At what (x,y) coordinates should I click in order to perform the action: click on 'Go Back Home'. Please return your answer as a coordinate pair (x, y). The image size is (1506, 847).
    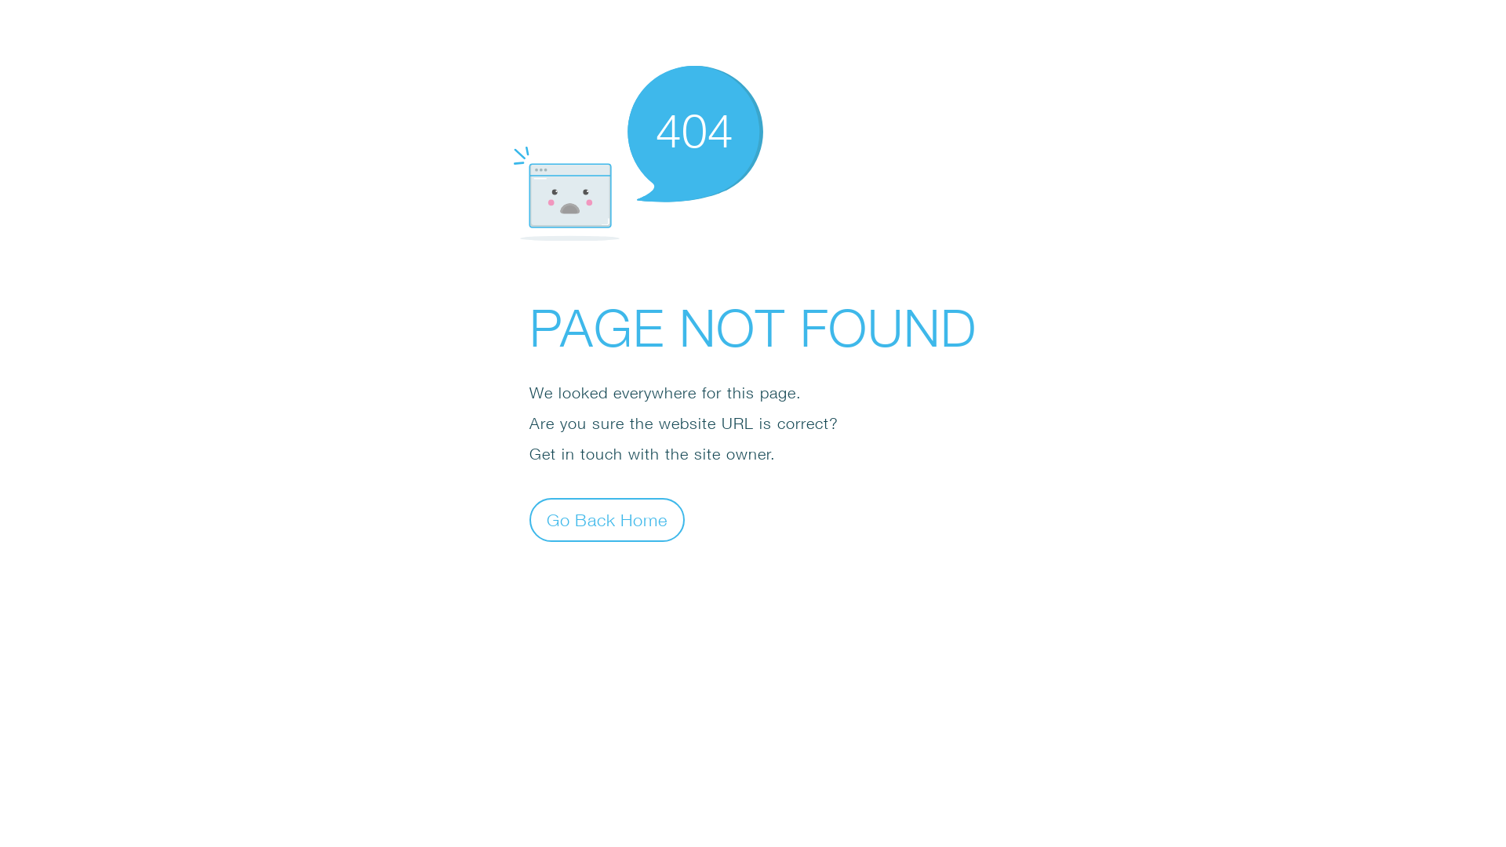
    Looking at the image, I should click on (606, 520).